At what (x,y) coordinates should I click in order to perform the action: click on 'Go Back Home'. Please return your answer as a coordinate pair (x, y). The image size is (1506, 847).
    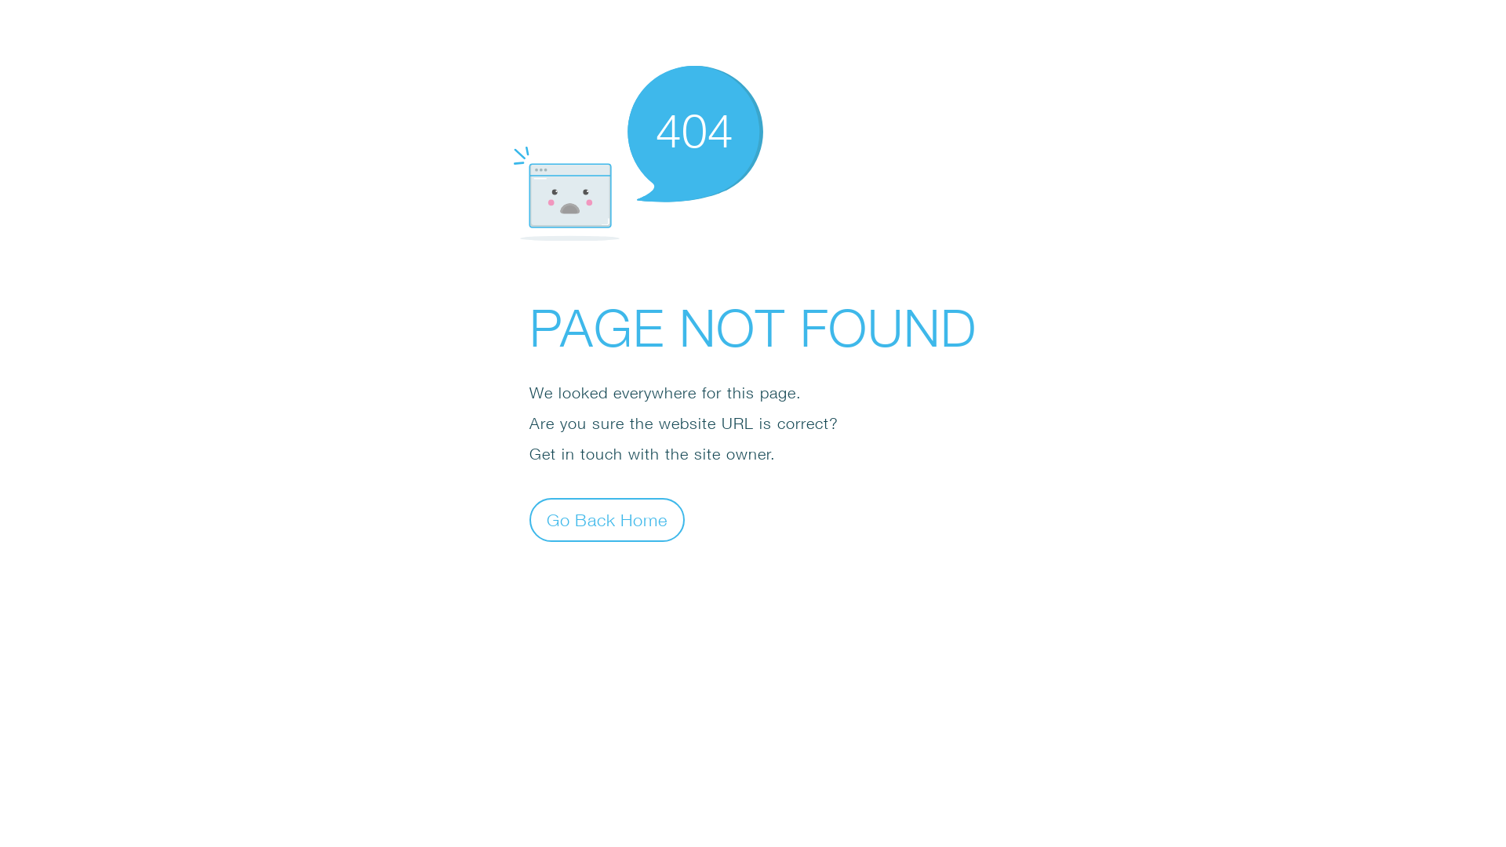
    Looking at the image, I should click on (606, 520).